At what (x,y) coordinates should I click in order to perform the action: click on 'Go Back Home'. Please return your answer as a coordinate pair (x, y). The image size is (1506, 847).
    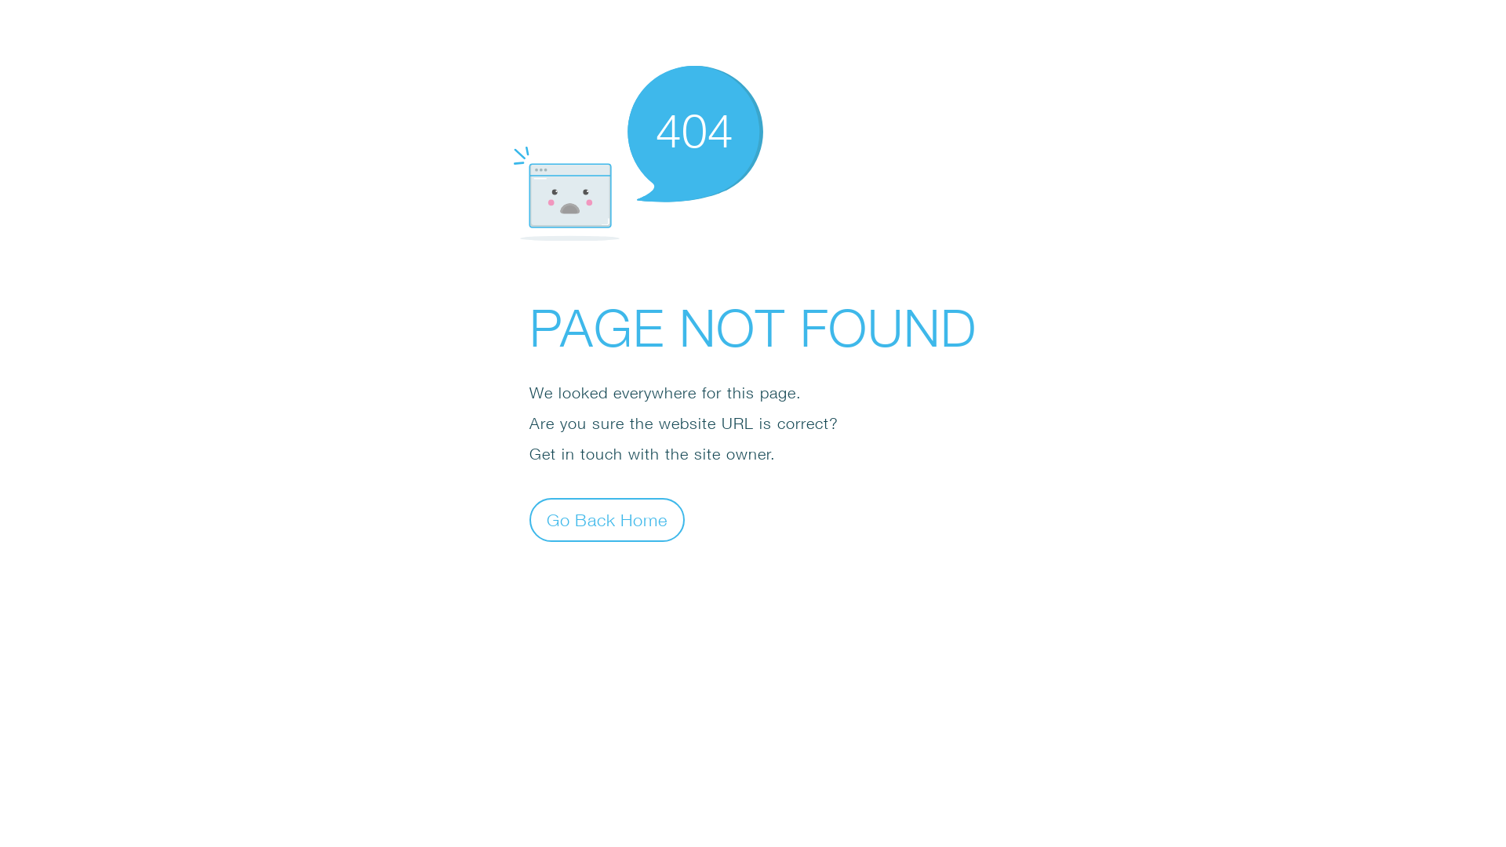
    Looking at the image, I should click on (606, 520).